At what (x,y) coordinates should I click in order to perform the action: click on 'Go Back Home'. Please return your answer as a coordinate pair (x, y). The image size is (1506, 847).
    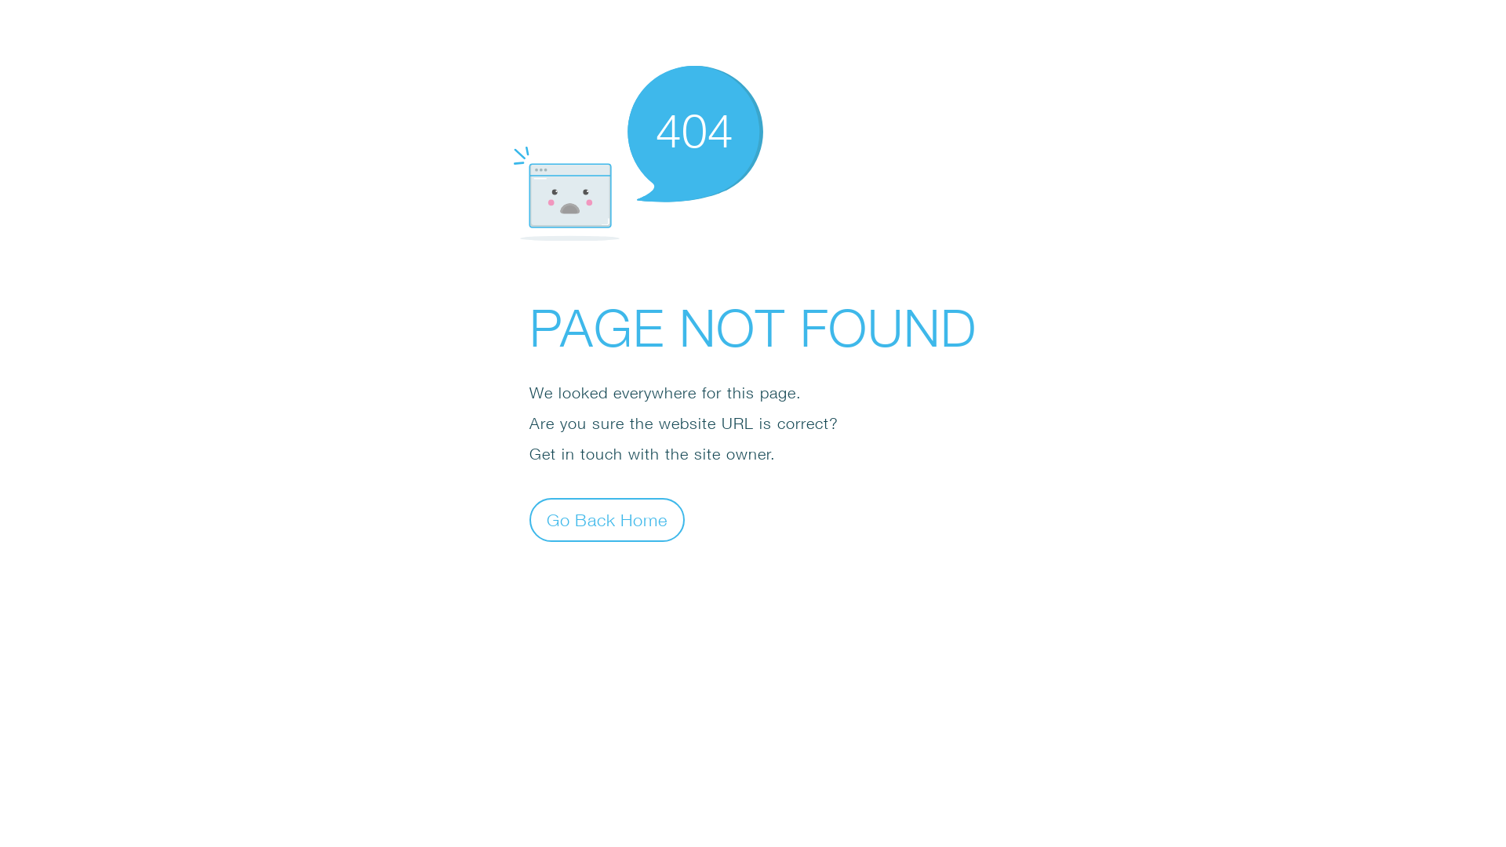
    Looking at the image, I should click on (606, 520).